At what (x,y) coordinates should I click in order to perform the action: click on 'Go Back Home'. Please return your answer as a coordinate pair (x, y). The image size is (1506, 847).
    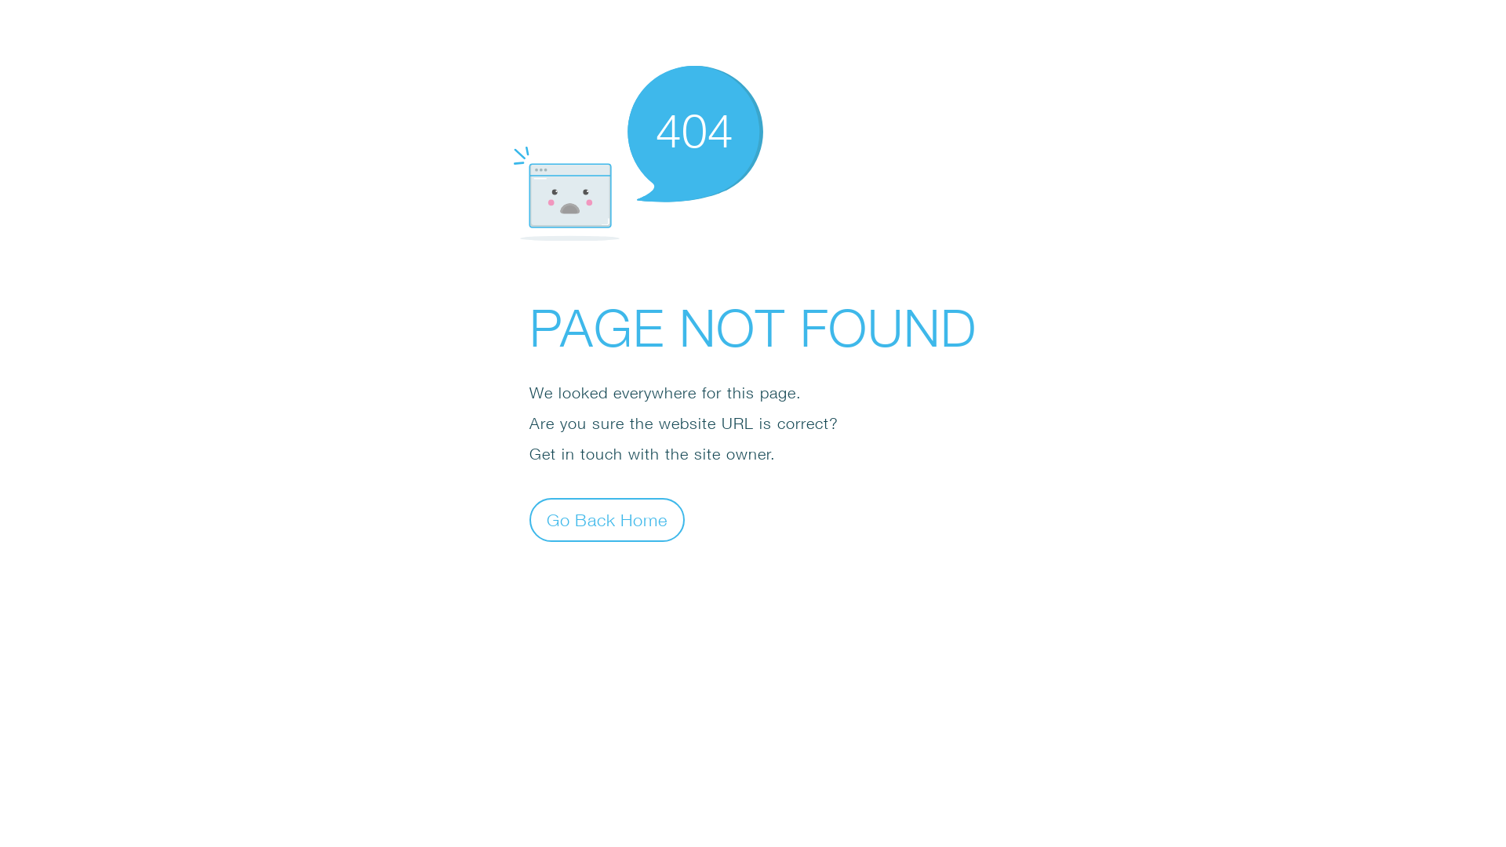
    Looking at the image, I should click on (606, 520).